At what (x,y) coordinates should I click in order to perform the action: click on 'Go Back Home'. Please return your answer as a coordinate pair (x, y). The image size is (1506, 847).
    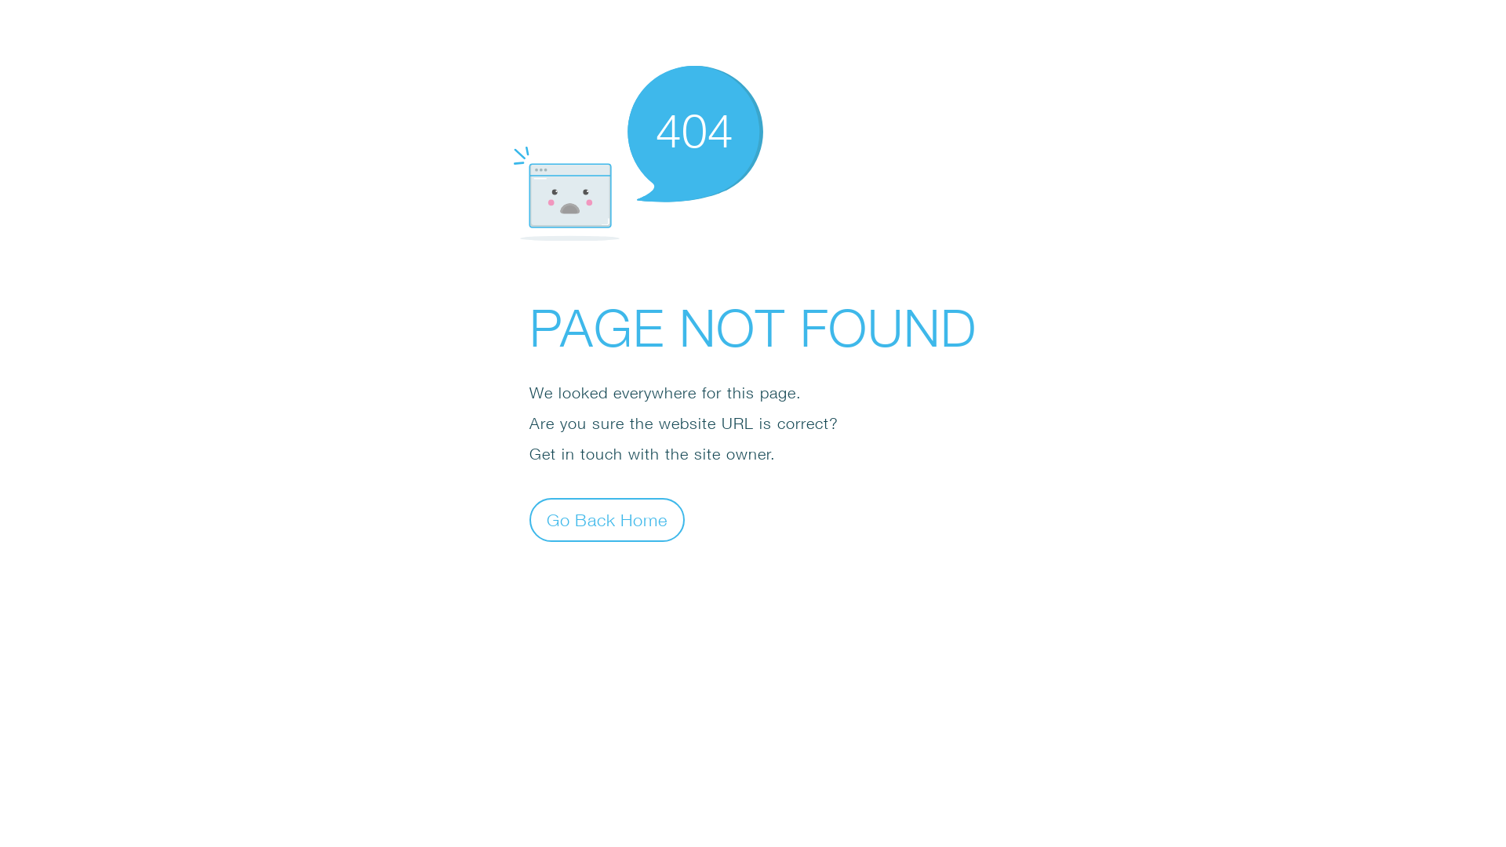
    Looking at the image, I should click on (606, 520).